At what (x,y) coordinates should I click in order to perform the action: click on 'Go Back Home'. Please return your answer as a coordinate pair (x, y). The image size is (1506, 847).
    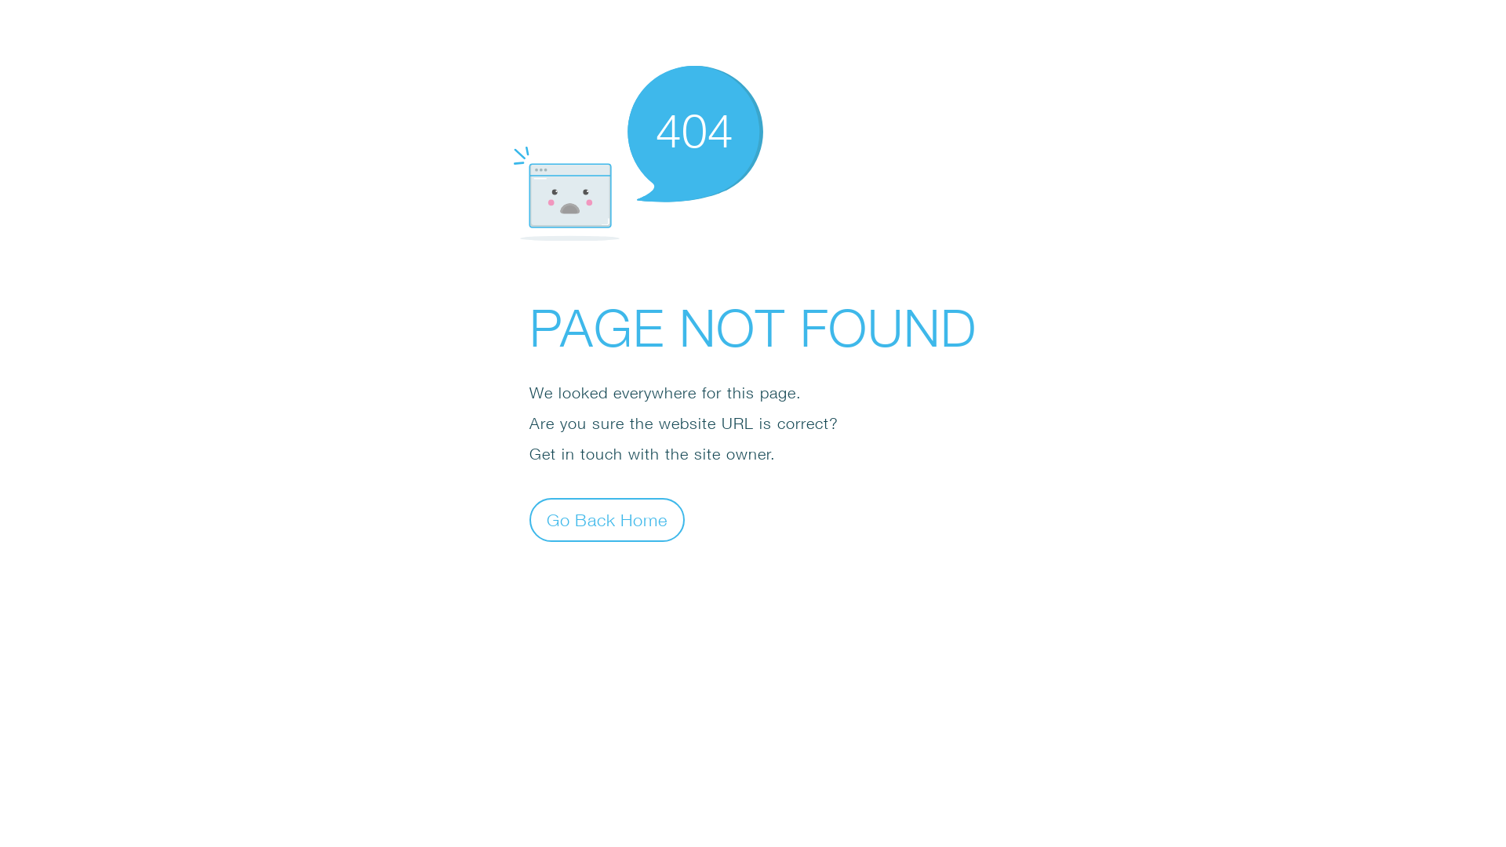
    Looking at the image, I should click on (606, 520).